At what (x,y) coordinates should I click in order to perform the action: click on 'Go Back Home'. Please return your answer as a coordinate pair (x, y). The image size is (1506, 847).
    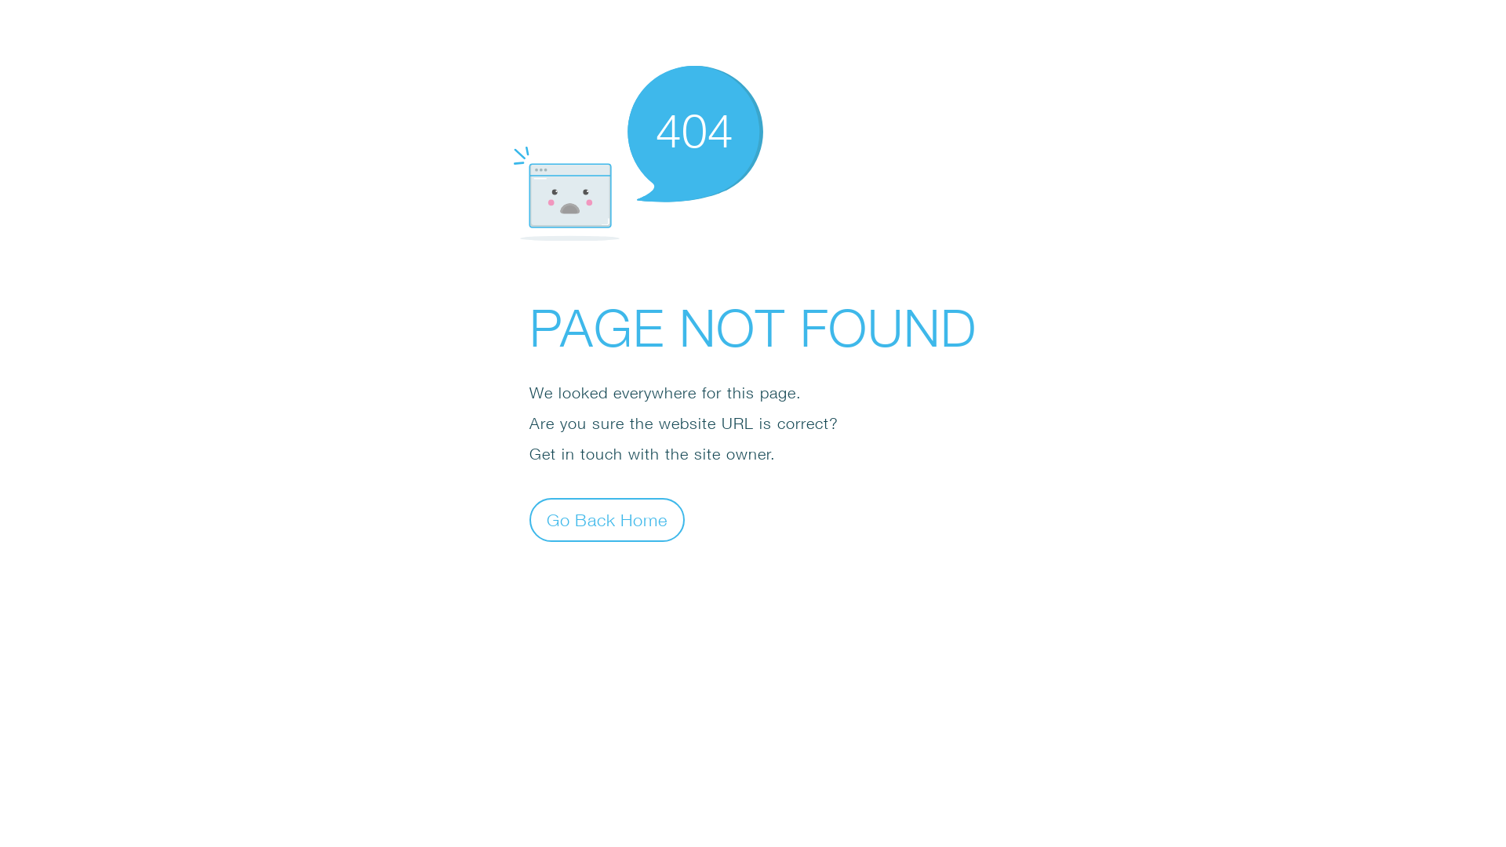
    Looking at the image, I should click on (606, 520).